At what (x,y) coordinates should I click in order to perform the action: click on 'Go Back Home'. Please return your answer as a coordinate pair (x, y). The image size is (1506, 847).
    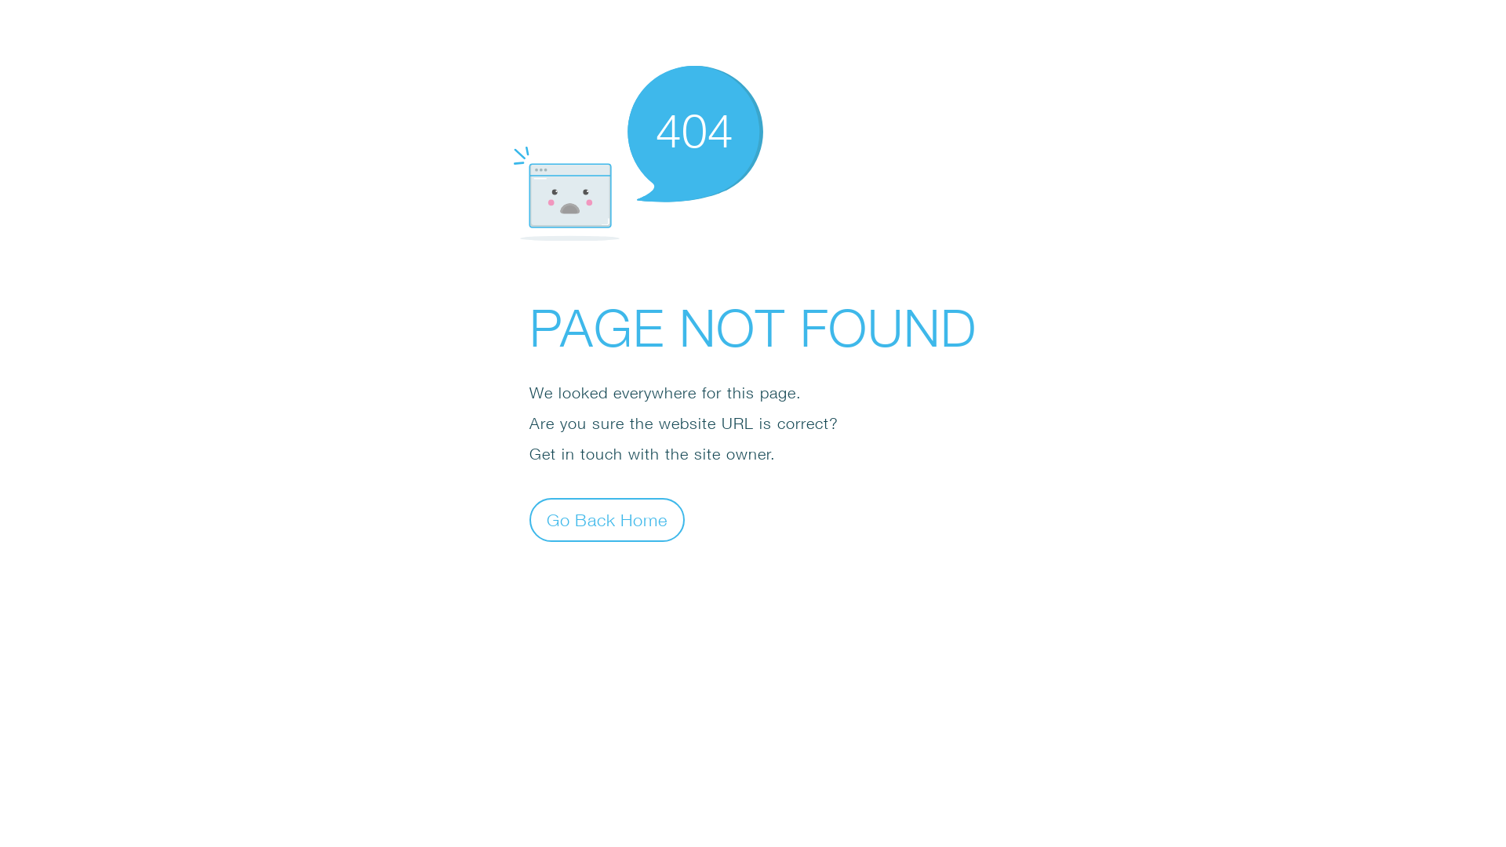
    Looking at the image, I should click on (606, 520).